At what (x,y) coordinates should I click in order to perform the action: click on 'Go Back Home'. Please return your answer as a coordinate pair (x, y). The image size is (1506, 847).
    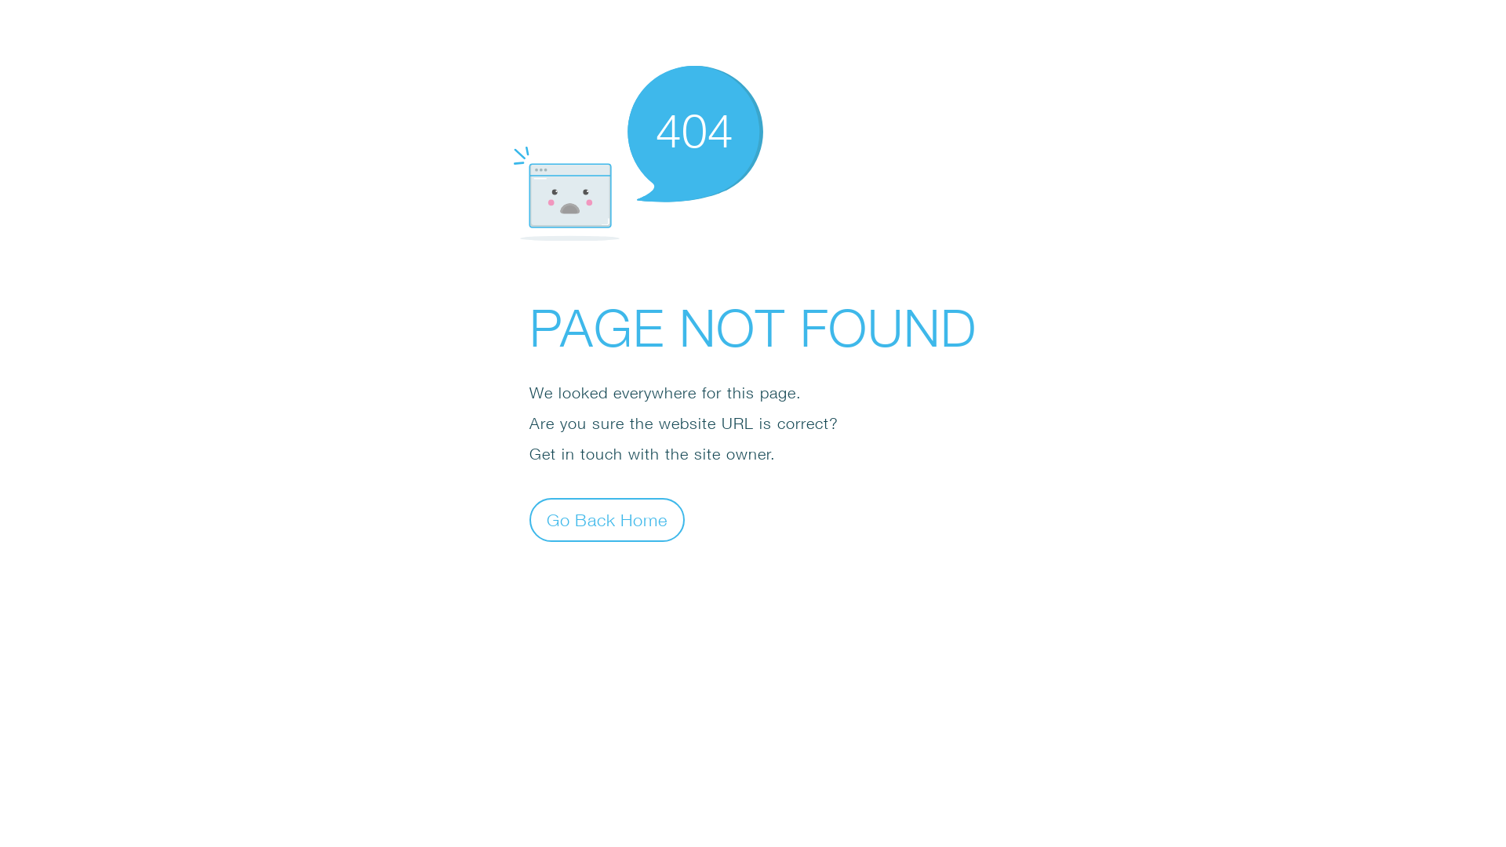
    Looking at the image, I should click on (606, 520).